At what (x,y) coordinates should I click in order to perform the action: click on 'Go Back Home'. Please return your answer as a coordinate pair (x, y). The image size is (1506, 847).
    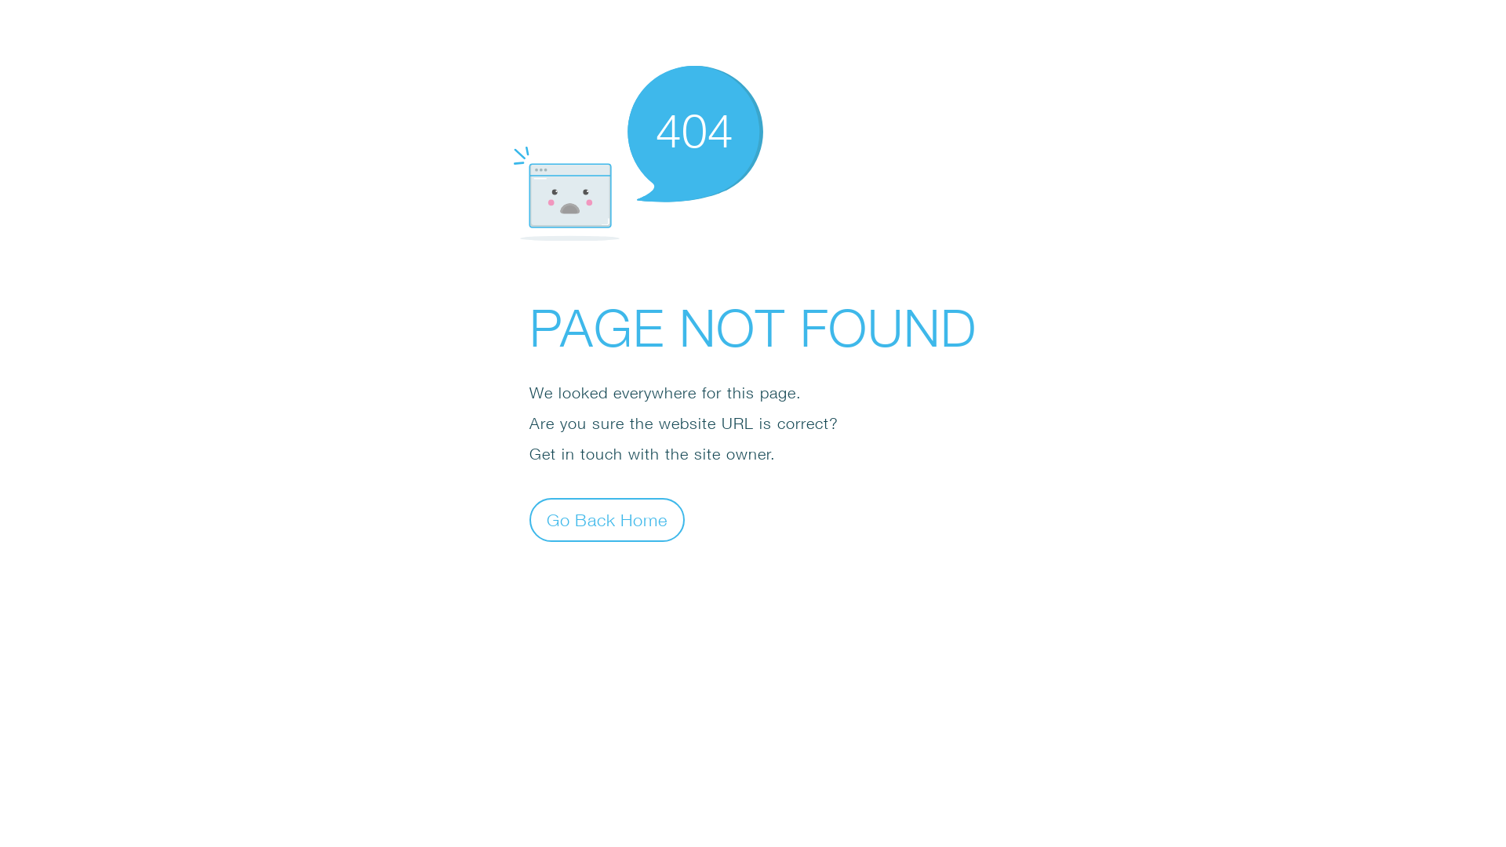
    Looking at the image, I should click on (606, 520).